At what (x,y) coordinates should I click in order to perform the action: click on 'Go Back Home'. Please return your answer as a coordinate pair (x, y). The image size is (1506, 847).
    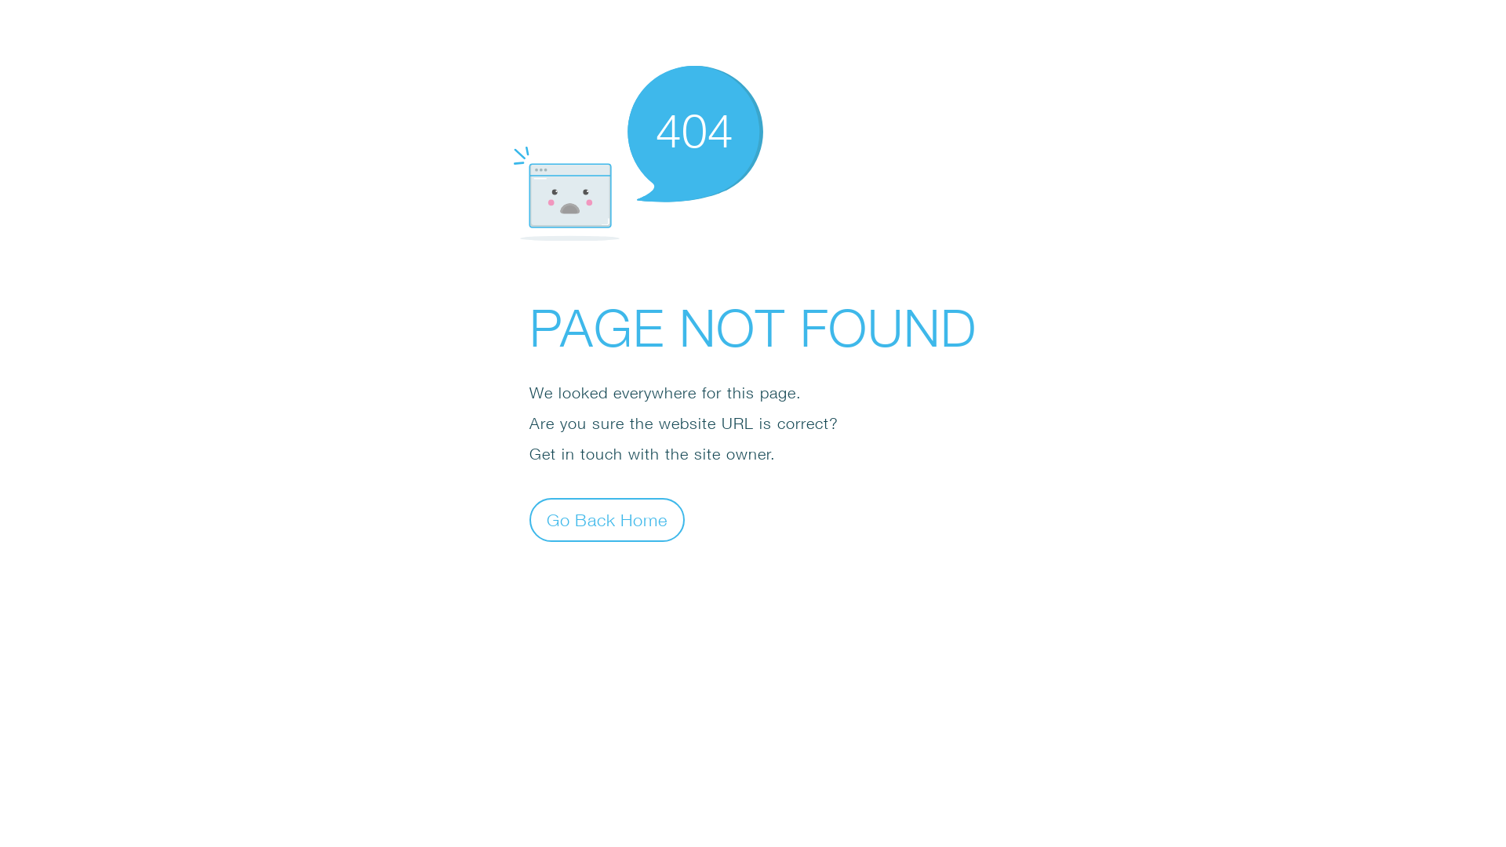
    Looking at the image, I should click on (606, 520).